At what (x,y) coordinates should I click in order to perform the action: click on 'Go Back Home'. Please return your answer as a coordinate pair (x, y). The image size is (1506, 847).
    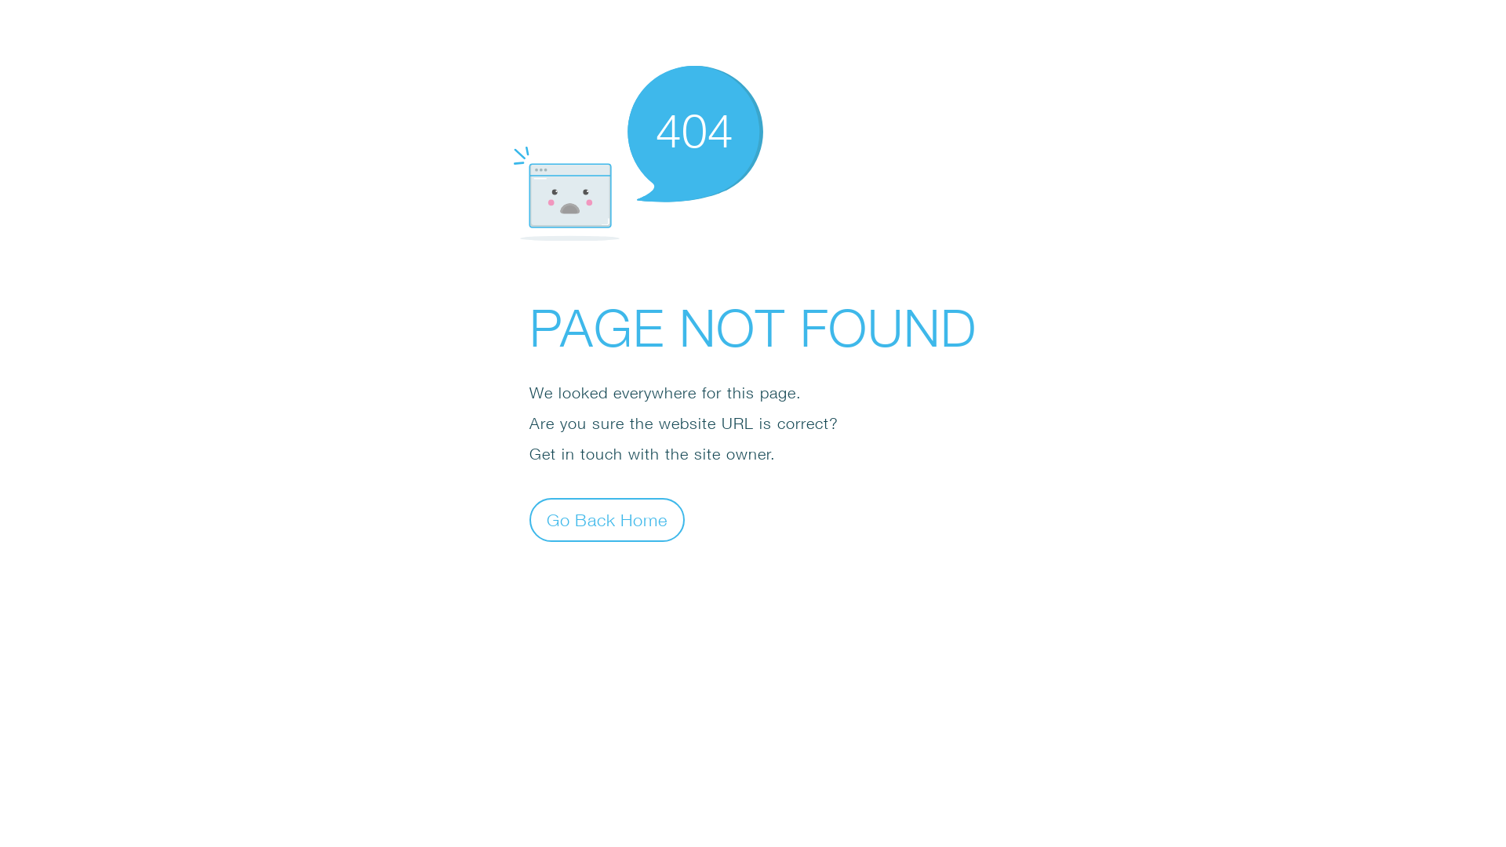
    Looking at the image, I should click on (606, 520).